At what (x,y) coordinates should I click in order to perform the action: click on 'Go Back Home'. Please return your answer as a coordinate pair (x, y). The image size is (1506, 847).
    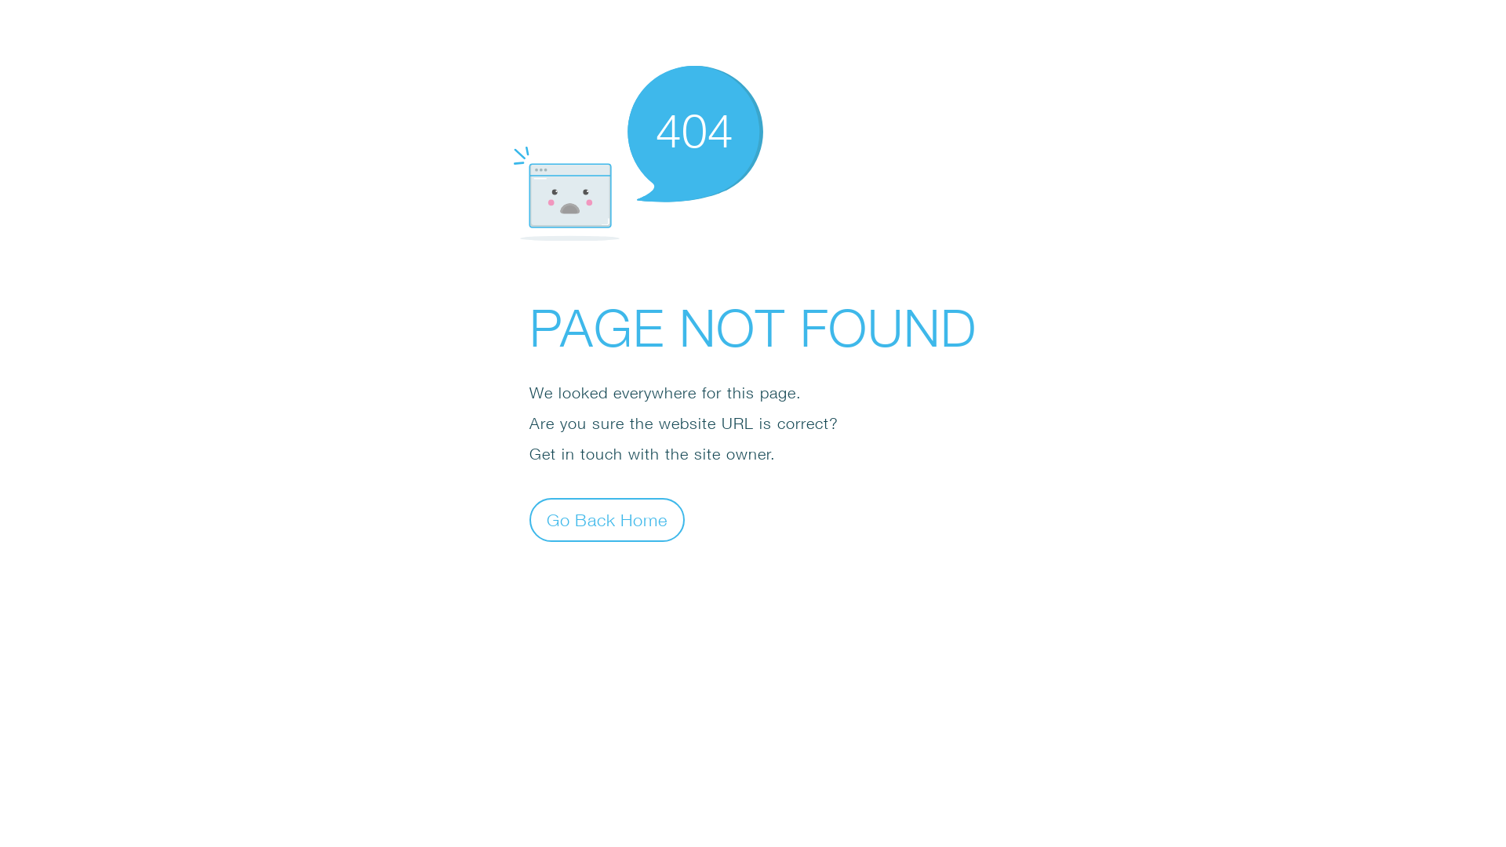
    Looking at the image, I should click on (606, 520).